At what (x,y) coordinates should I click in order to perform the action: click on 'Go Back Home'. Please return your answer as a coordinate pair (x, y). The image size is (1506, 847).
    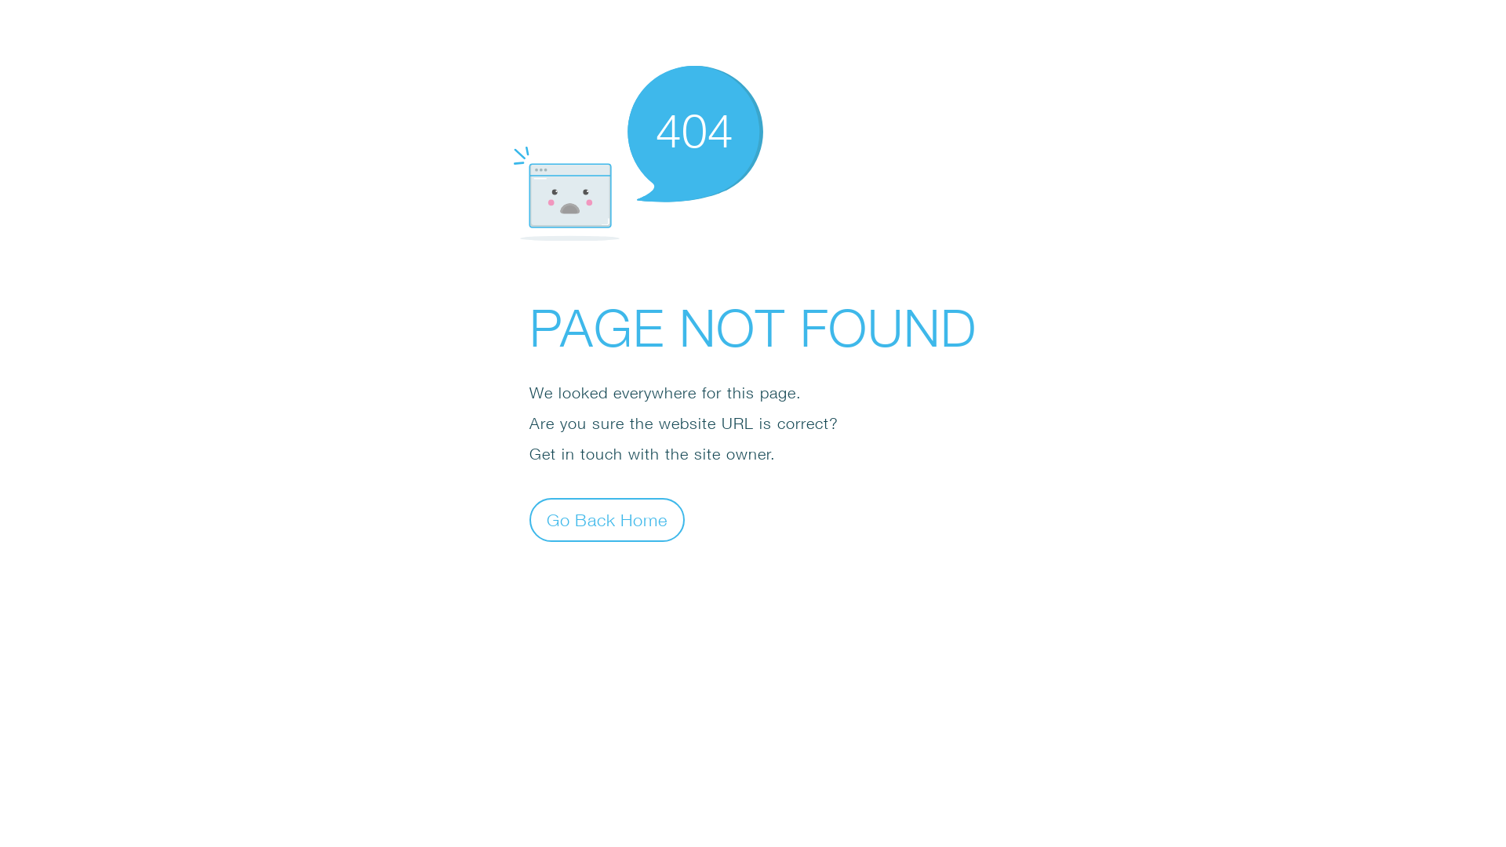
    Looking at the image, I should click on (606, 520).